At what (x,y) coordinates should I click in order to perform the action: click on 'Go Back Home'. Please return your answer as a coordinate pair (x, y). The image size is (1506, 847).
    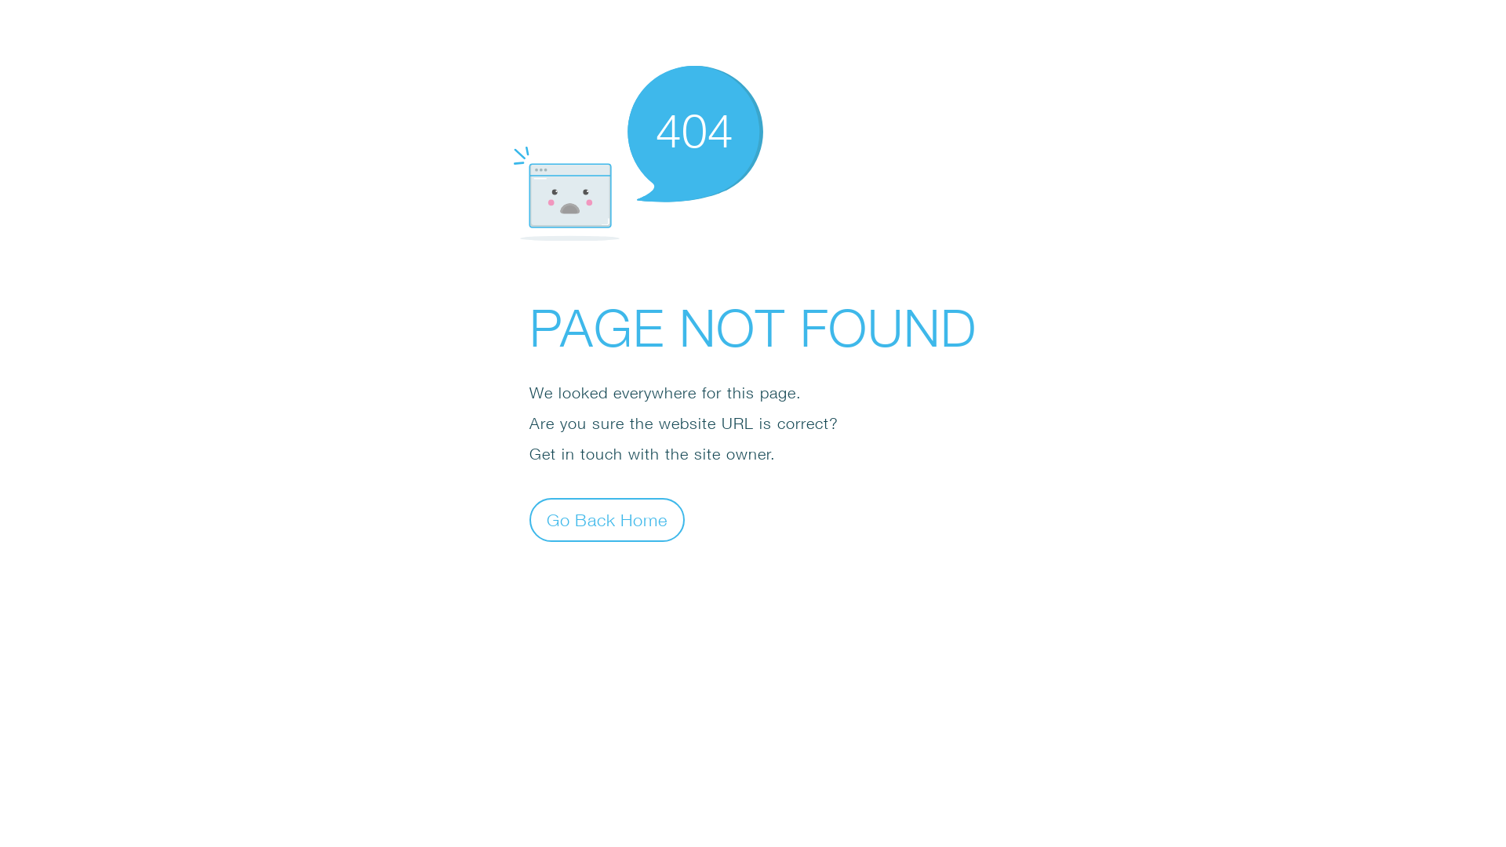
    Looking at the image, I should click on (606, 520).